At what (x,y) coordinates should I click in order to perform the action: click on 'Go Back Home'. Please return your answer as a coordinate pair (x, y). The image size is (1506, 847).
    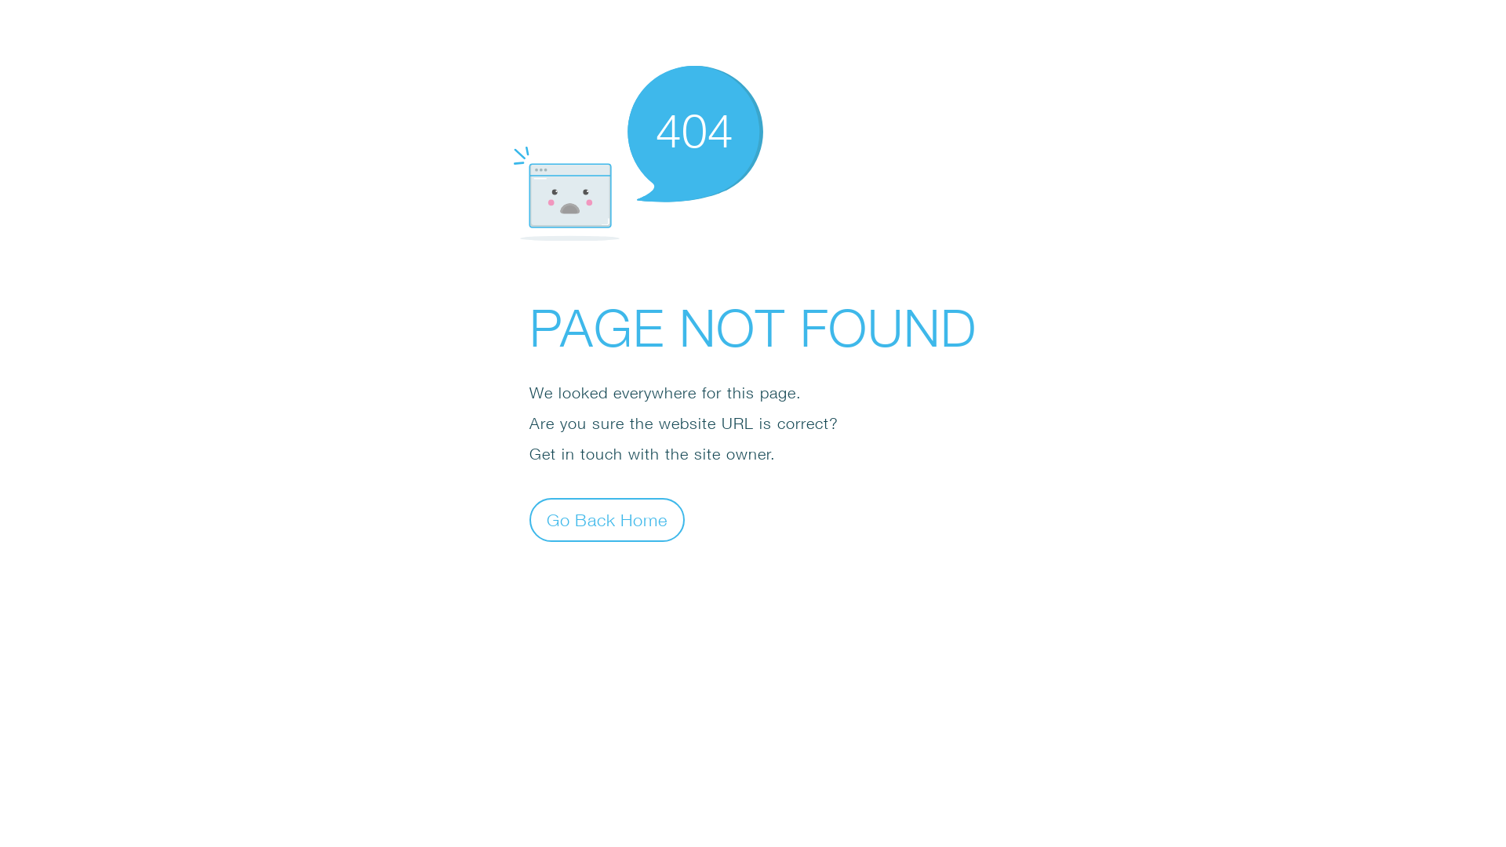
    Looking at the image, I should click on (606, 520).